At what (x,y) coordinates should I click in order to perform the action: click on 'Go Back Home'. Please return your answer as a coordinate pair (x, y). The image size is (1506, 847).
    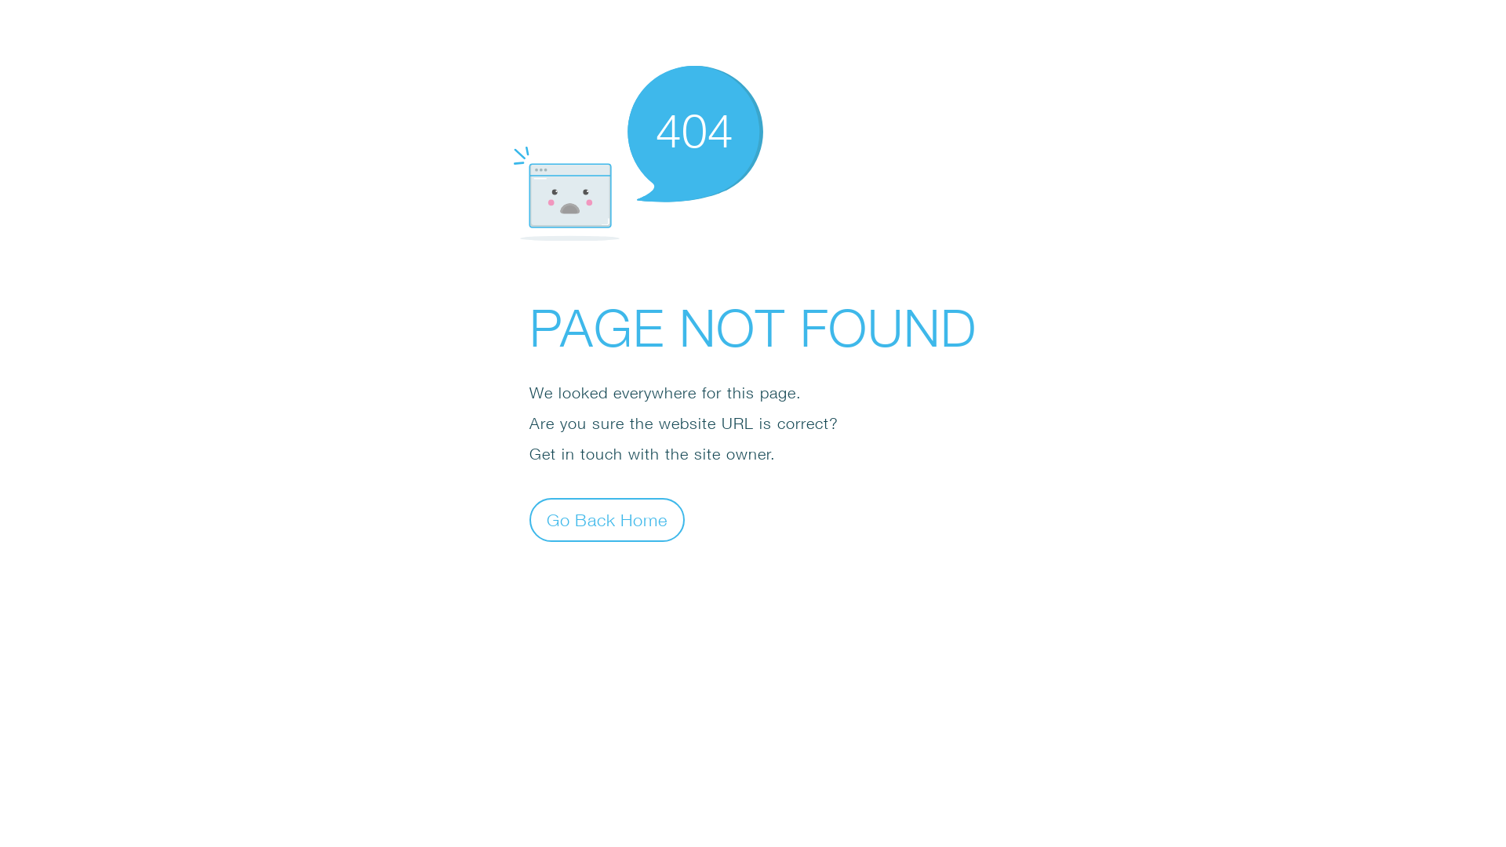
    Looking at the image, I should click on (606, 520).